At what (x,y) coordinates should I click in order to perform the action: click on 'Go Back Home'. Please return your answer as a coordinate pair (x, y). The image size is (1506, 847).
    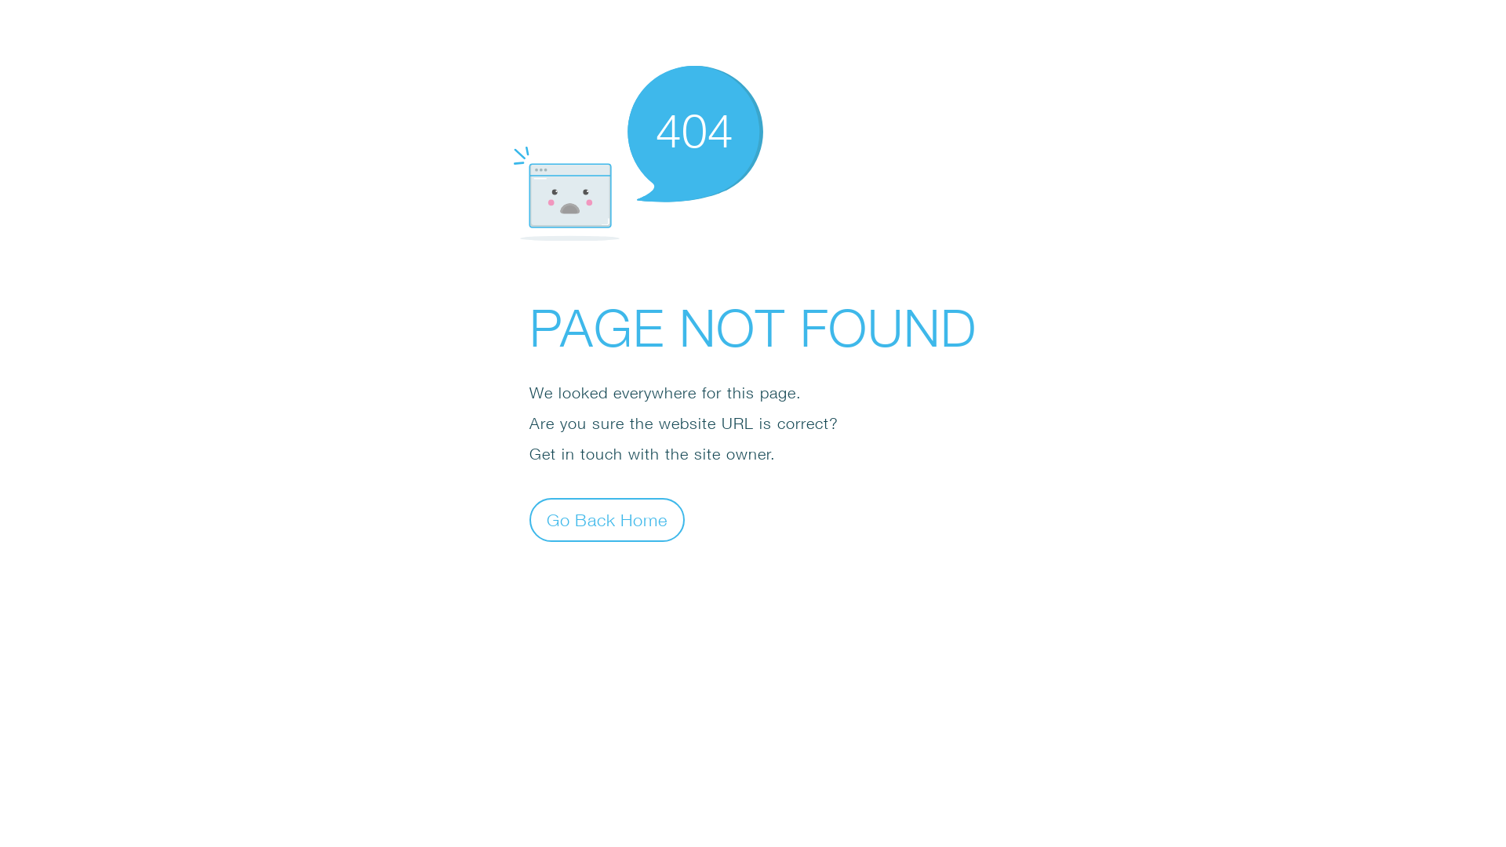
    Looking at the image, I should click on (606, 520).